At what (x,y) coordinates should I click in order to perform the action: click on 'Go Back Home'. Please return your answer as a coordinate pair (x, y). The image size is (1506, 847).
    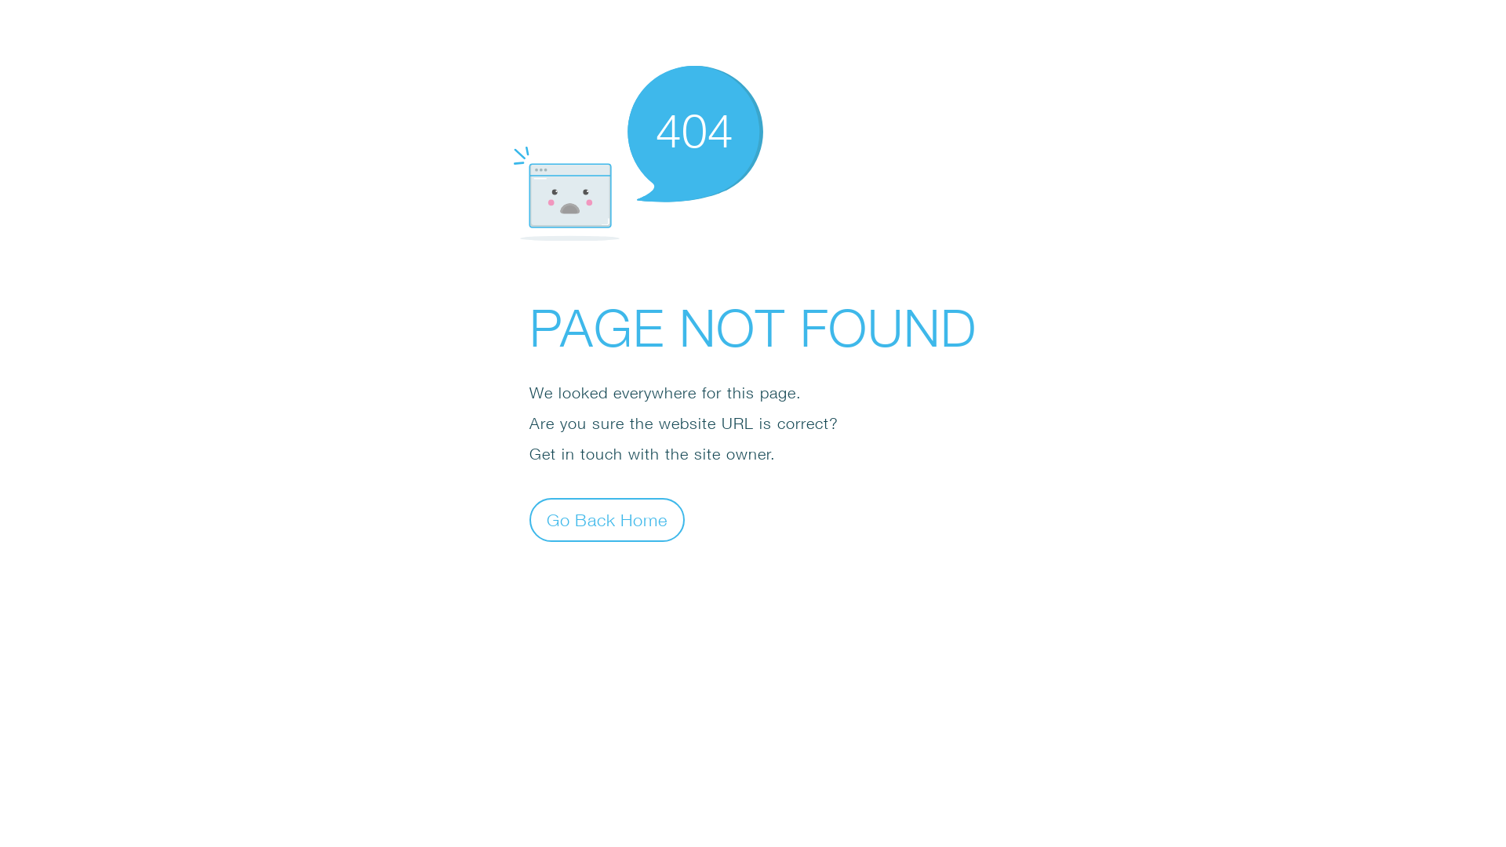
    Looking at the image, I should click on (606, 520).